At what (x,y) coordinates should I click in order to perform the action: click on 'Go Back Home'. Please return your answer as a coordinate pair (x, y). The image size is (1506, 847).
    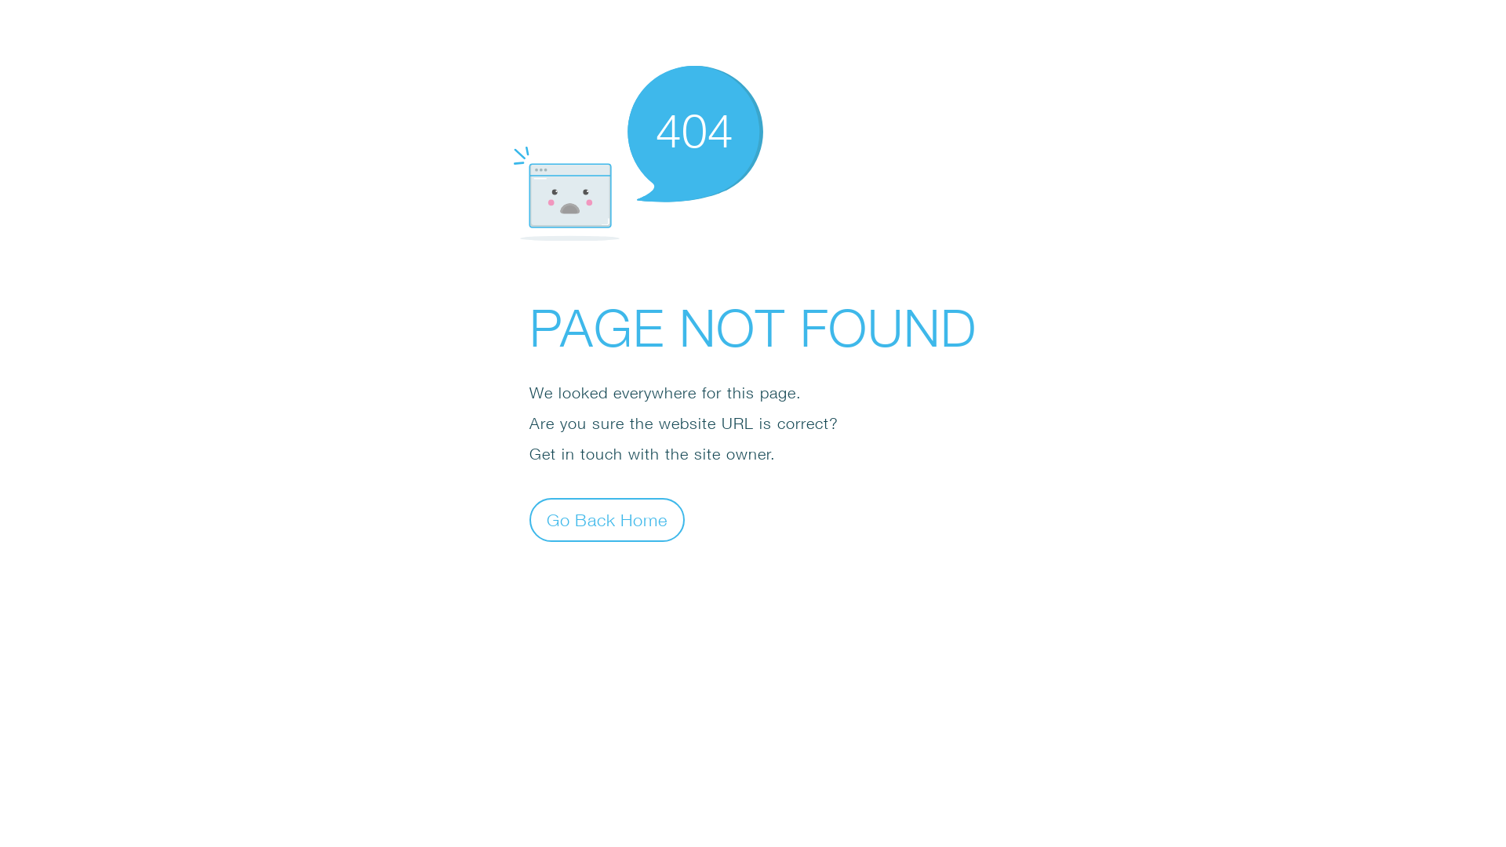
    Looking at the image, I should click on (606, 520).